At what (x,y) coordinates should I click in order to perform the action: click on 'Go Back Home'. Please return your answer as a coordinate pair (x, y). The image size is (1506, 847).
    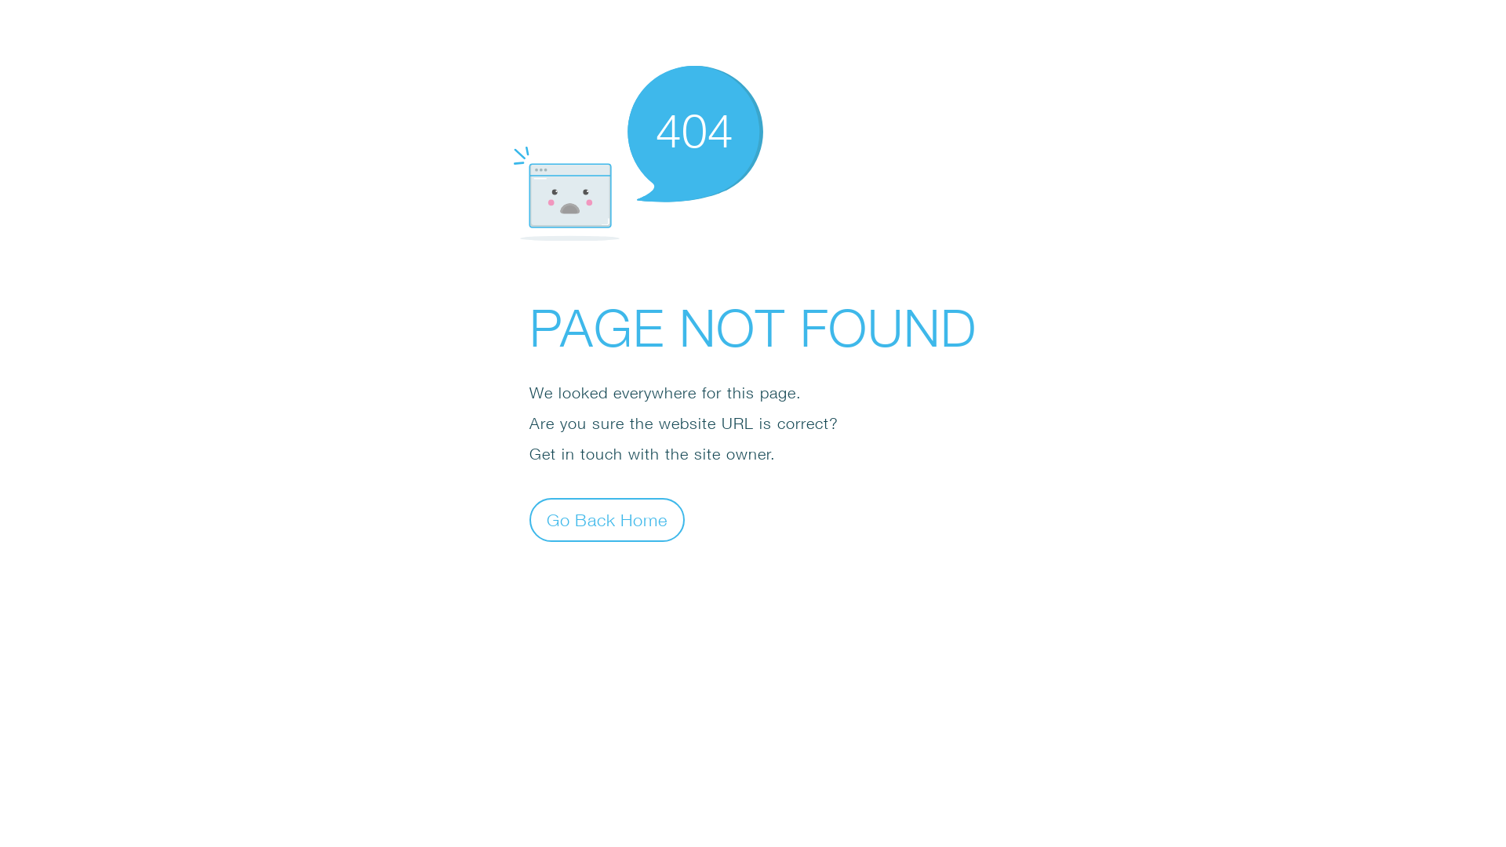
    Looking at the image, I should click on (606, 520).